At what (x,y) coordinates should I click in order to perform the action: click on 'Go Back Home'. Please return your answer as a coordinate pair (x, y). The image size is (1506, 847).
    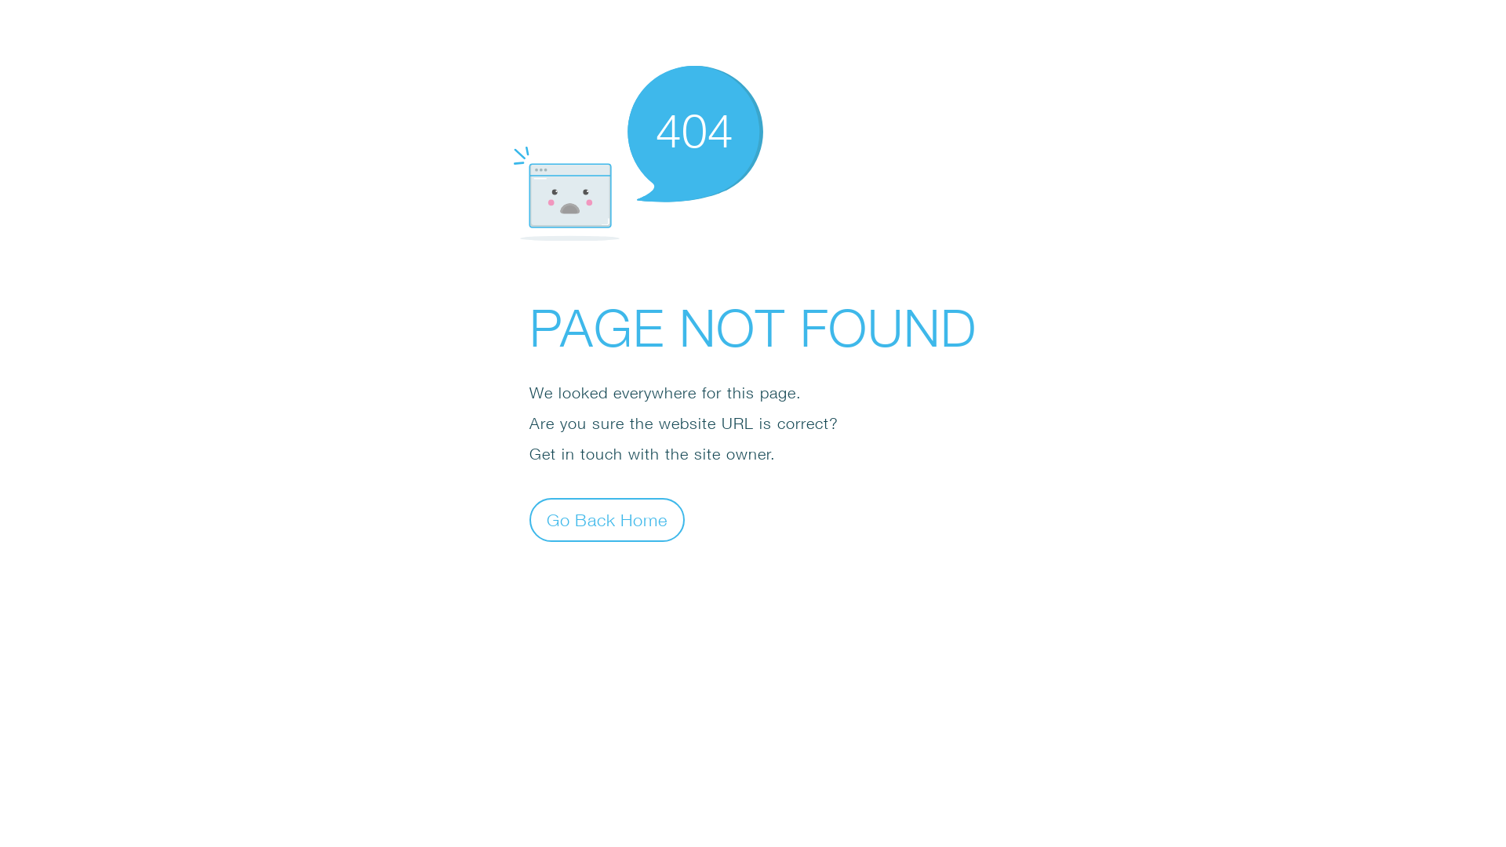
    Looking at the image, I should click on (606, 520).